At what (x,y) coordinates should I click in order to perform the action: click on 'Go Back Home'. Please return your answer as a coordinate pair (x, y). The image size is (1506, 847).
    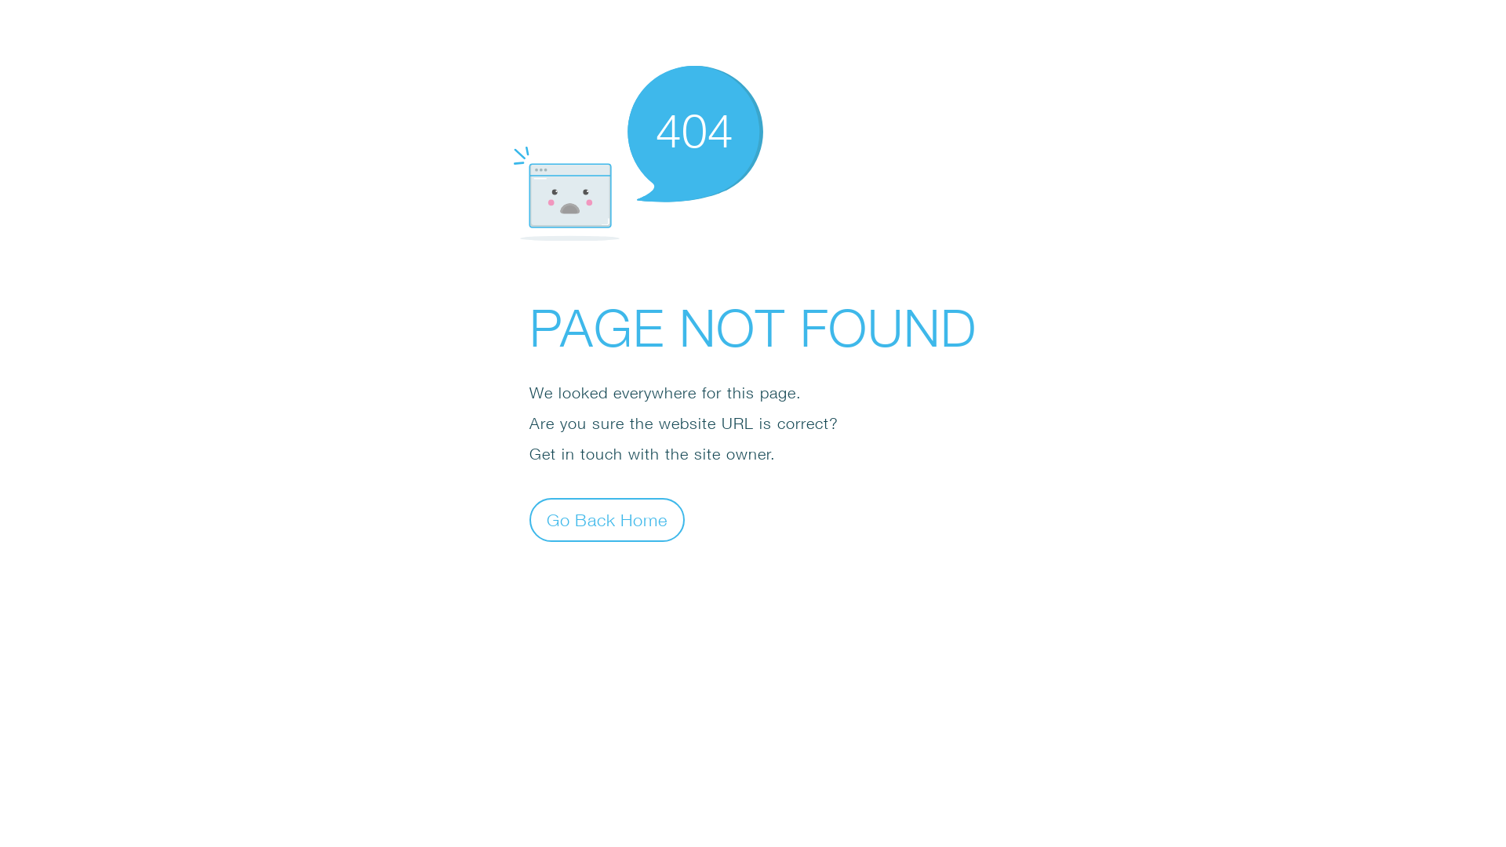
    Looking at the image, I should click on (606, 520).